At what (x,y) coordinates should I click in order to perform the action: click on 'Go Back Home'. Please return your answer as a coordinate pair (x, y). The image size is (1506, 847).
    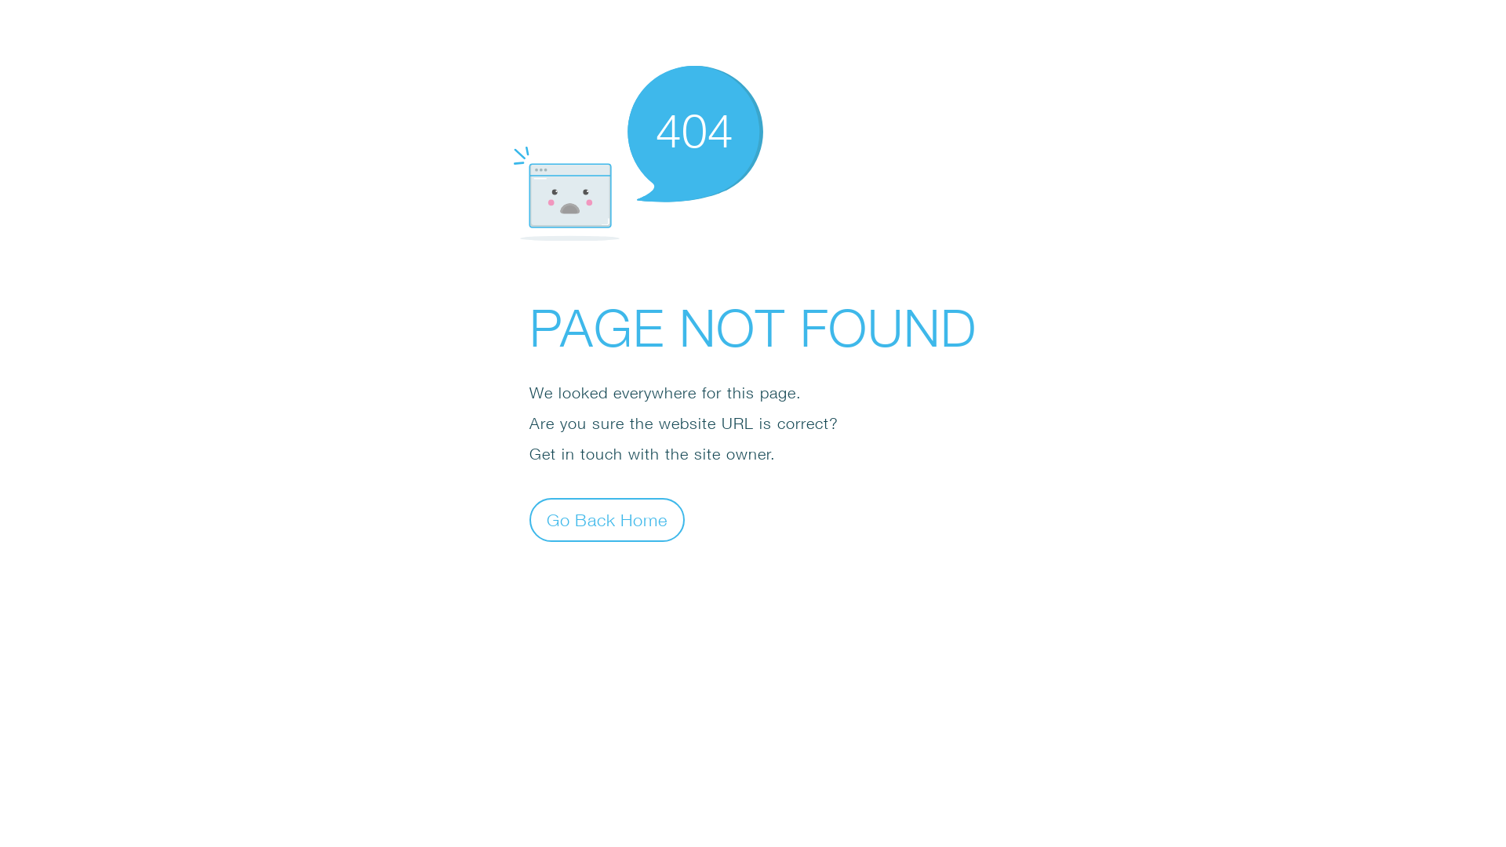
    Looking at the image, I should click on (606, 520).